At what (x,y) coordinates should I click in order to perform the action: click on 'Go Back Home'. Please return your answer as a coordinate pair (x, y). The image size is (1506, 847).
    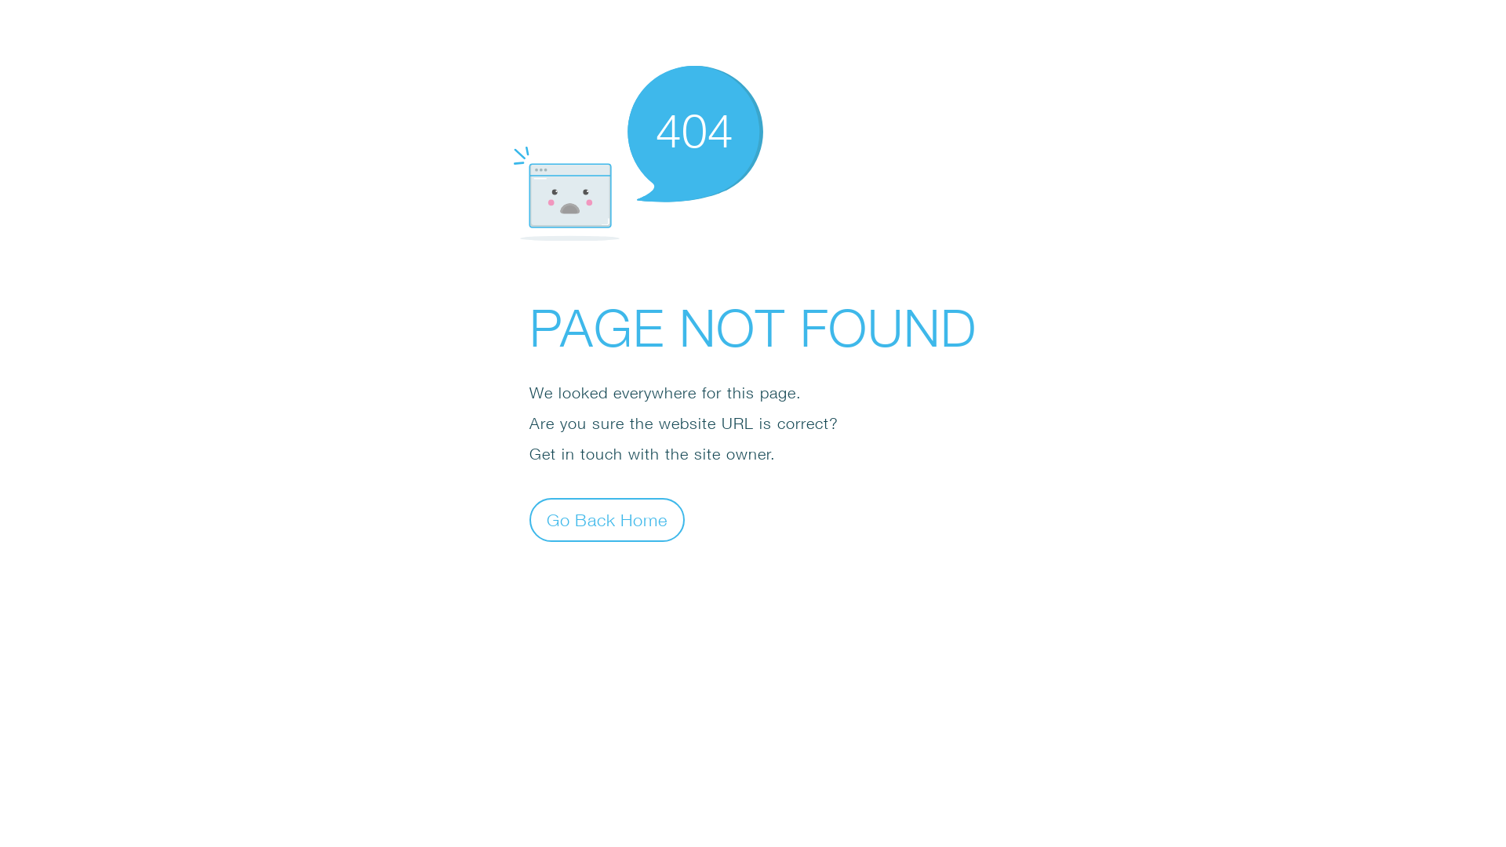
    Looking at the image, I should click on (606, 520).